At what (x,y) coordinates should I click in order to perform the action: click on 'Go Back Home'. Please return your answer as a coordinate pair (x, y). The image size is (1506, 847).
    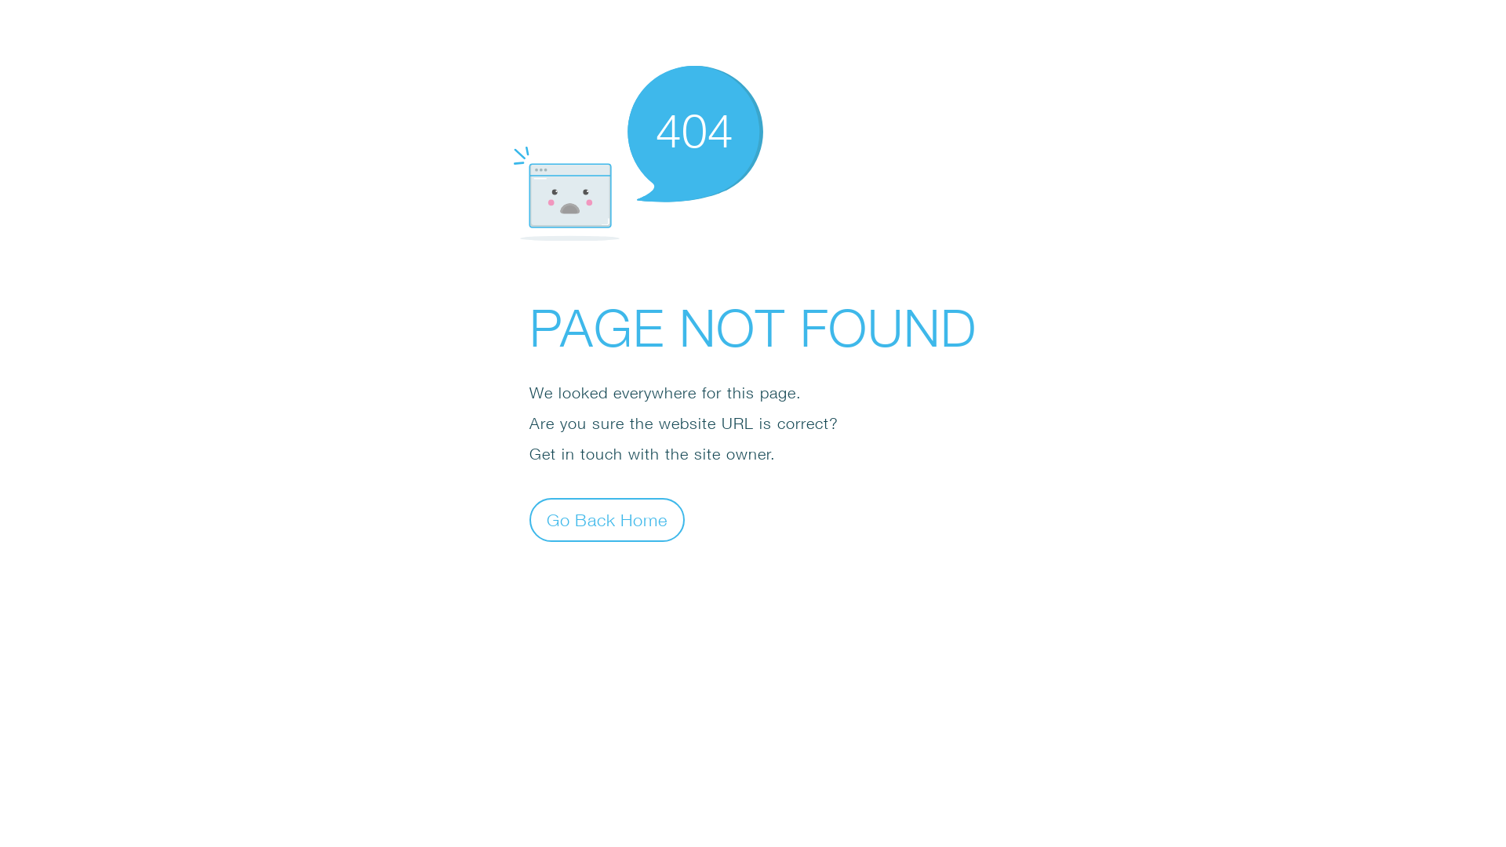
    Looking at the image, I should click on (606, 520).